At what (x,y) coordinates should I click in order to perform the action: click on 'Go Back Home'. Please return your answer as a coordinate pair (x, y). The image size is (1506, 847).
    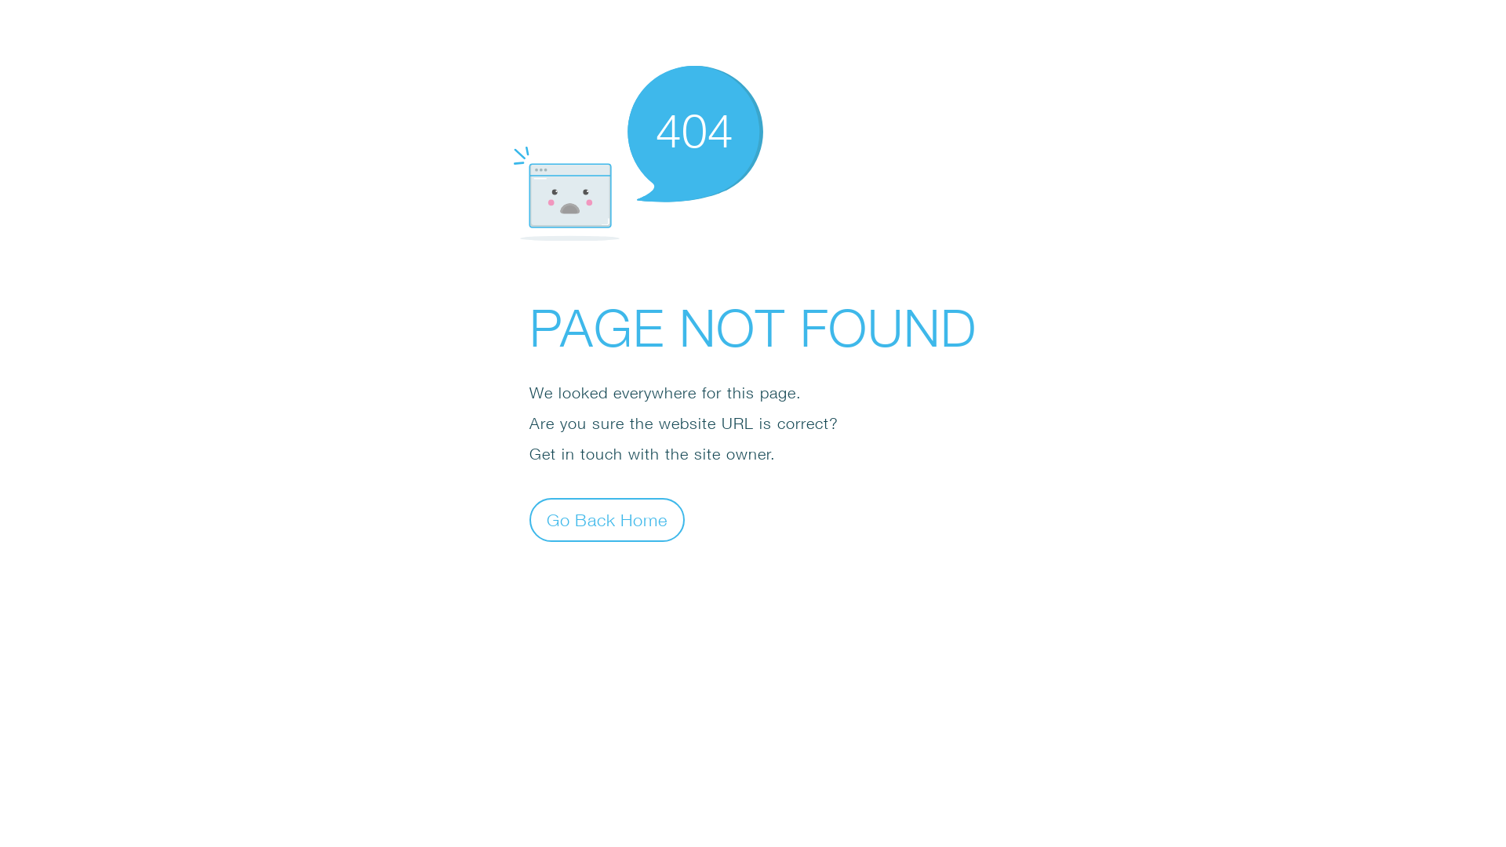
    Looking at the image, I should click on (606, 520).